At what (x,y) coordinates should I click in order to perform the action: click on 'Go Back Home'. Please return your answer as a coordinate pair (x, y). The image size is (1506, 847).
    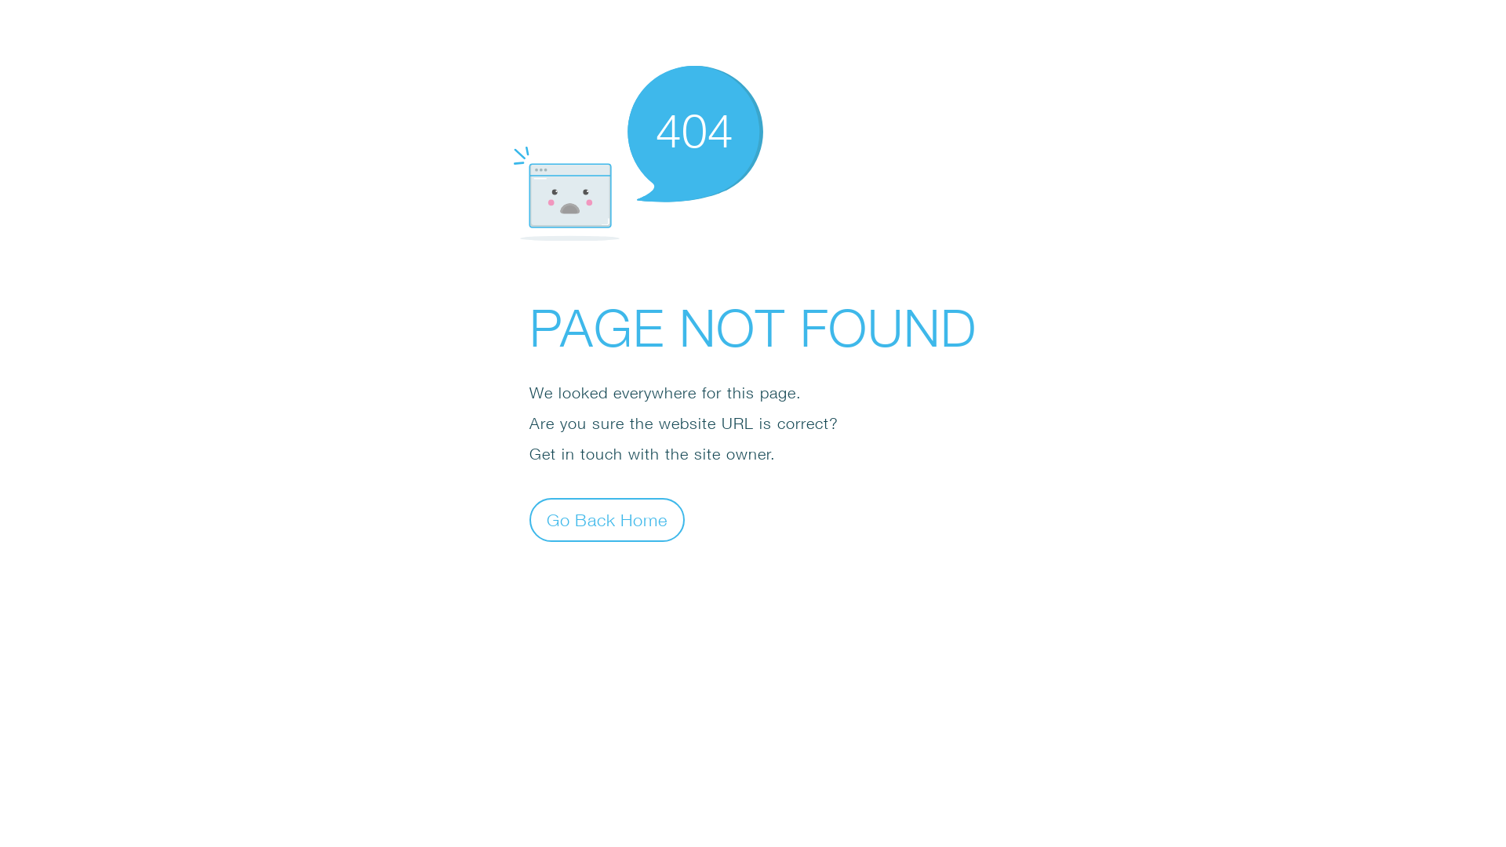
    Looking at the image, I should click on (606, 520).